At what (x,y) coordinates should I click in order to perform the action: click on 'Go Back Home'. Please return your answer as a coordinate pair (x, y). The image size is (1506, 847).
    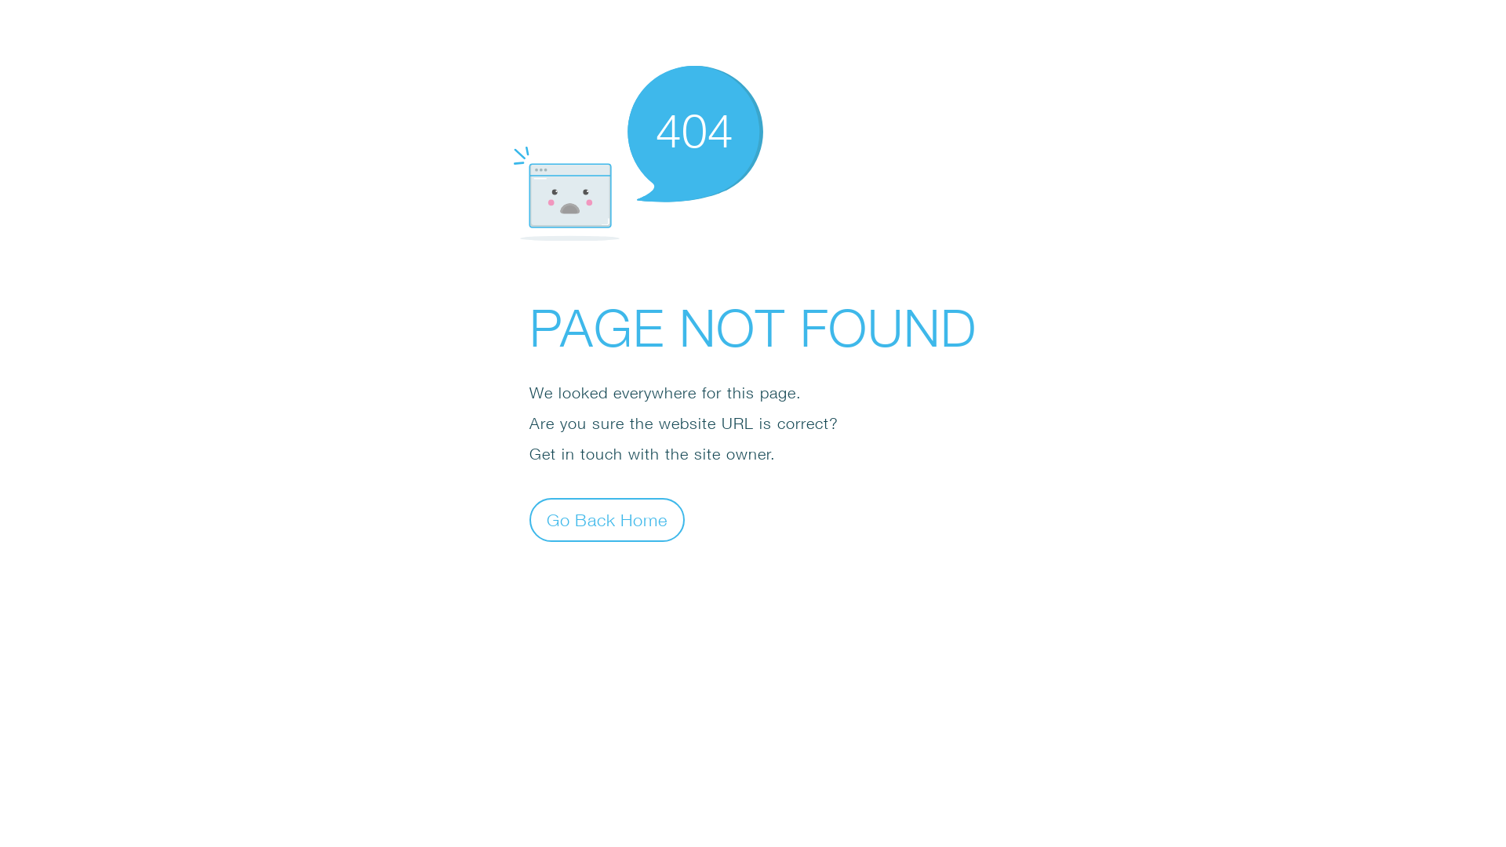
    Looking at the image, I should click on (606, 520).